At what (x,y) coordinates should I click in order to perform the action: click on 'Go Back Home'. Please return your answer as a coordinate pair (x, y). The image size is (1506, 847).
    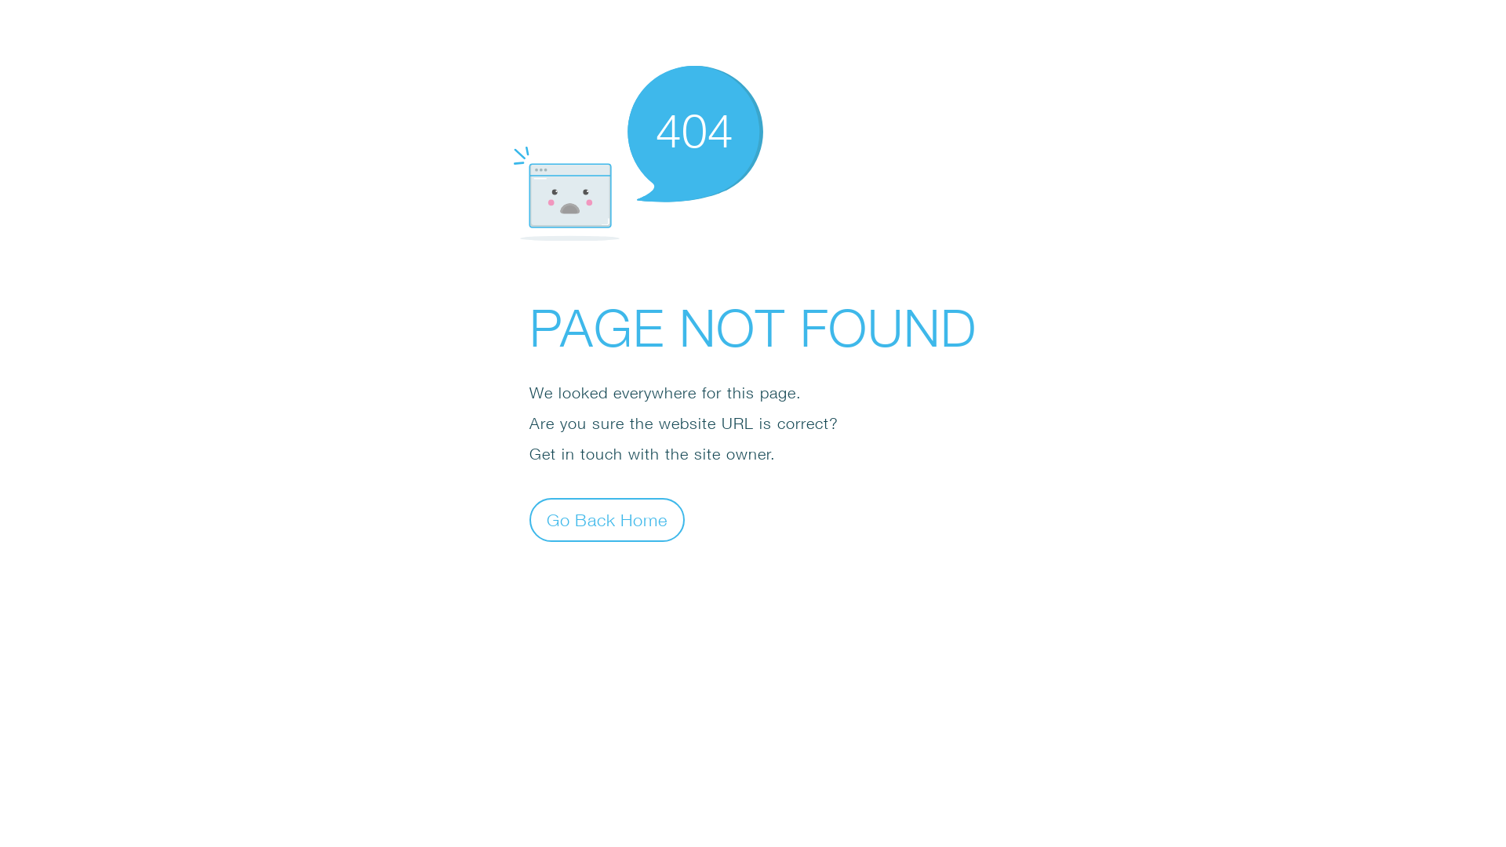
    Looking at the image, I should click on (606, 520).